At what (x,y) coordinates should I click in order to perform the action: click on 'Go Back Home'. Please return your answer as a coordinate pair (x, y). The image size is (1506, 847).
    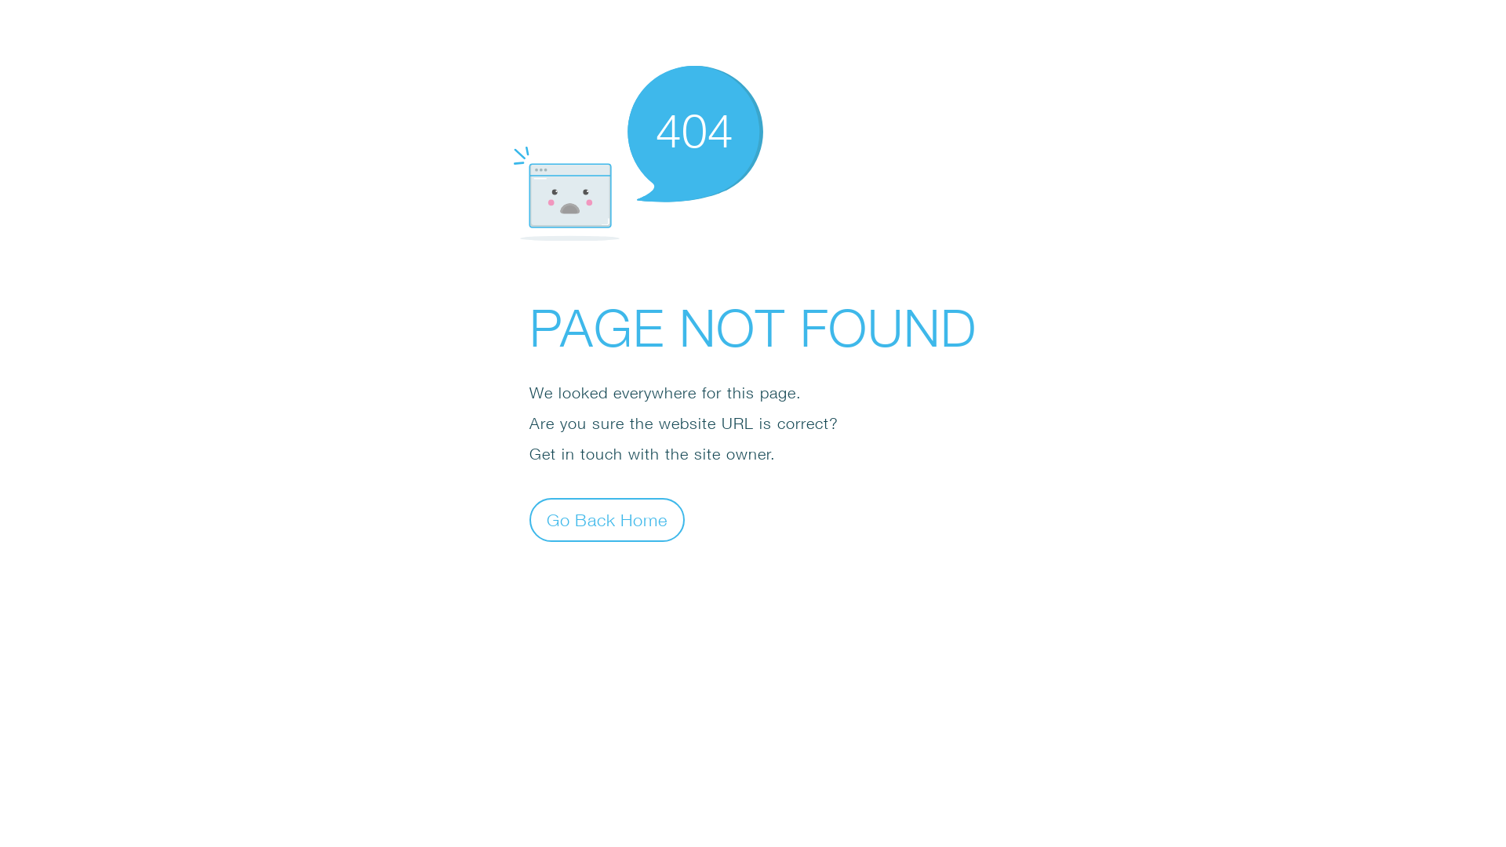
    Looking at the image, I should click on (606, 520).